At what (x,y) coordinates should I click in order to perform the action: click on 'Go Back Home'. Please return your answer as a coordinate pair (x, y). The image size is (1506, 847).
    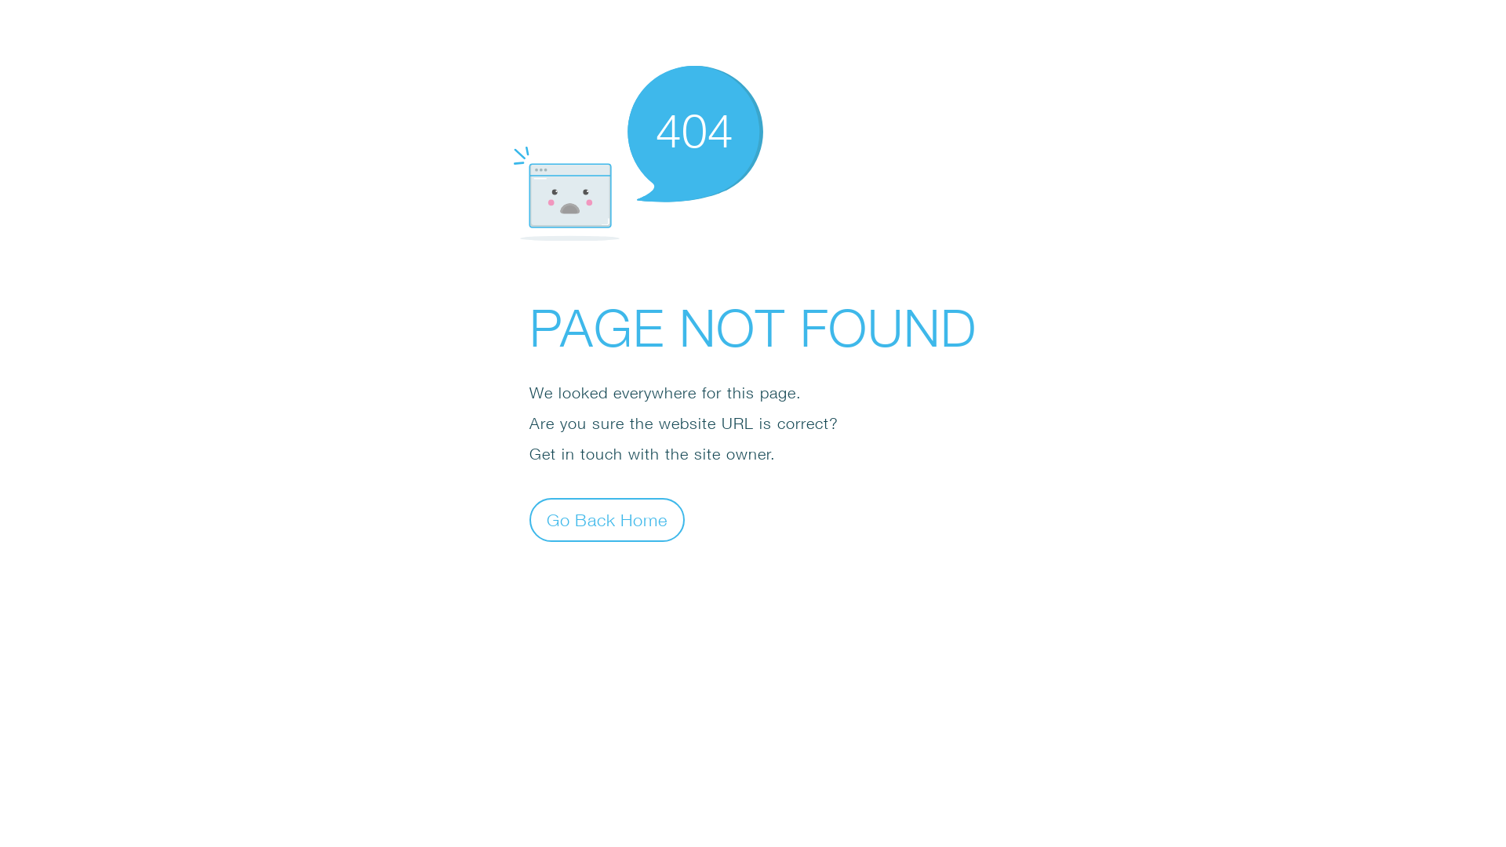
    Looking at the image, I should click on (606, 520).